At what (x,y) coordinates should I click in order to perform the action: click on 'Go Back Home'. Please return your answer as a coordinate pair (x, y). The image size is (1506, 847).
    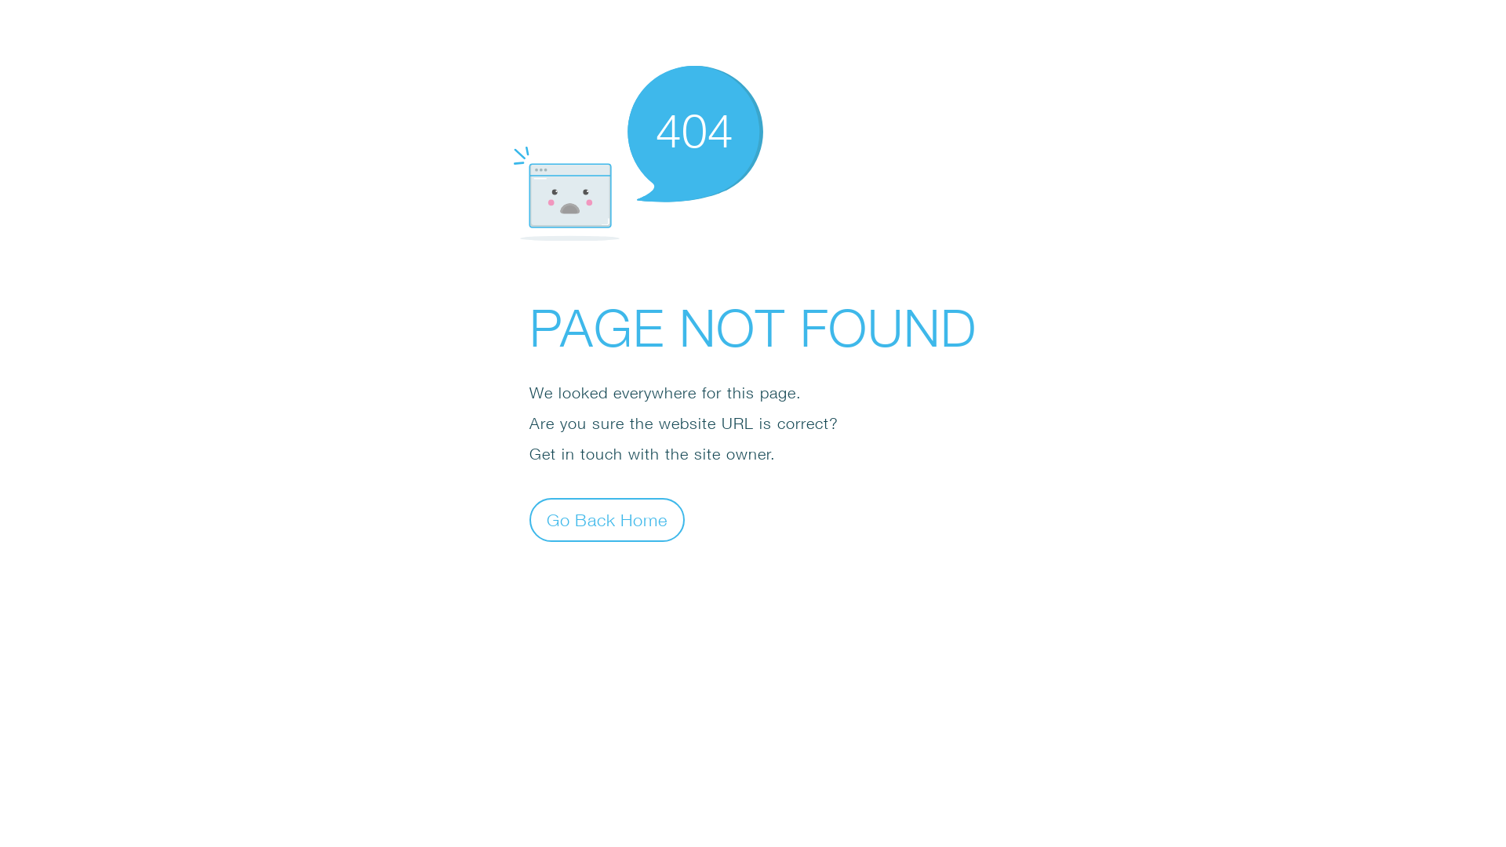
    Looking at the image, I should click on (606, 520).